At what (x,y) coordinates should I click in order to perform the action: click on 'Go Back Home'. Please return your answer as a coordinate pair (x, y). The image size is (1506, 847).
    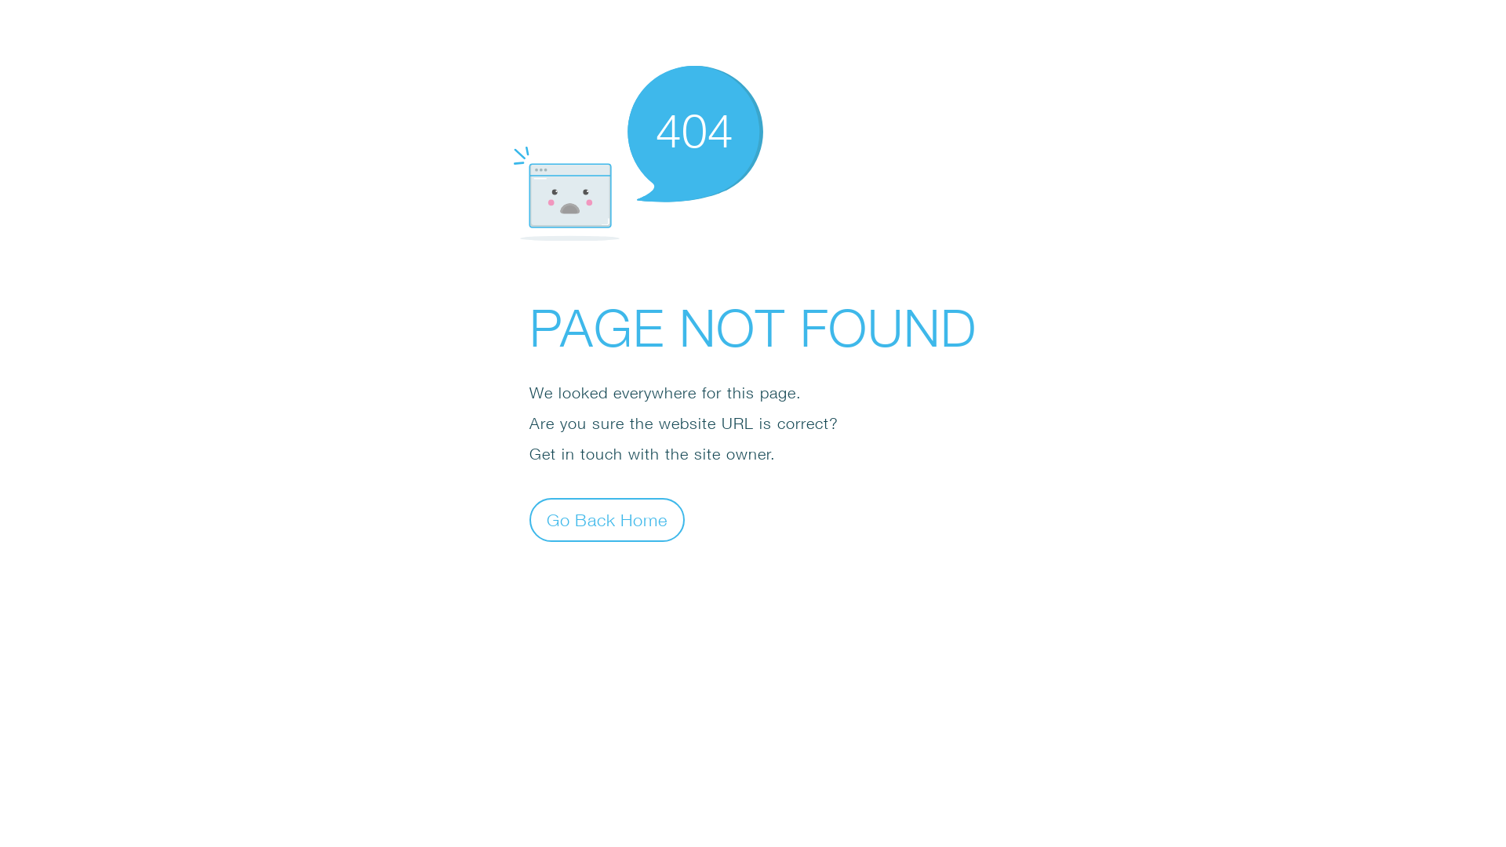
    Looking at the image, I should click on (606, 520).